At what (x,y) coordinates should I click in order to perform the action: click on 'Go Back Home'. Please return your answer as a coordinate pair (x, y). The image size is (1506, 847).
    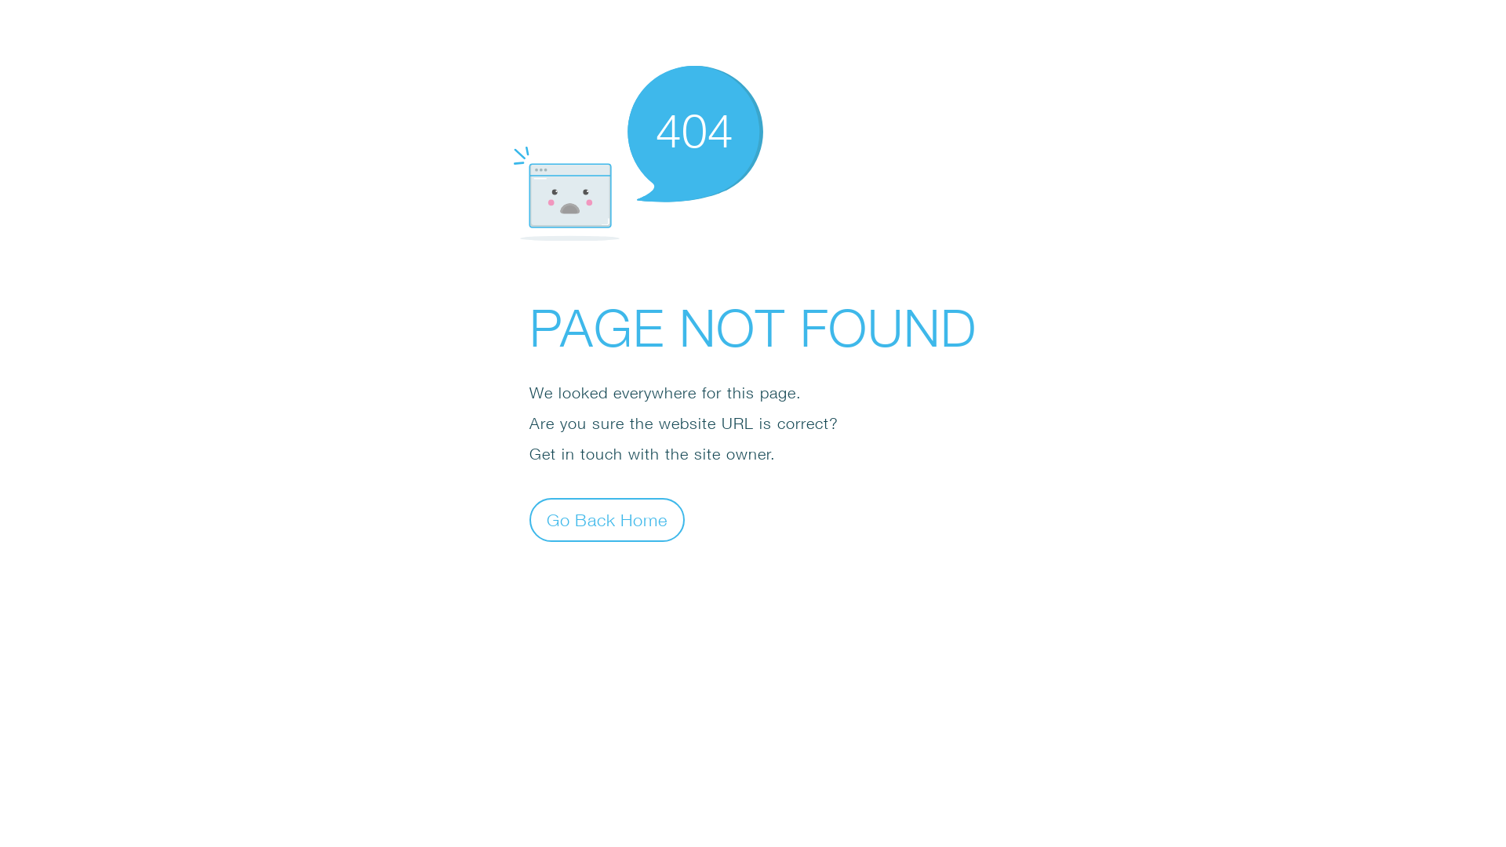
    Looking at the image, I should click on (606, 520).